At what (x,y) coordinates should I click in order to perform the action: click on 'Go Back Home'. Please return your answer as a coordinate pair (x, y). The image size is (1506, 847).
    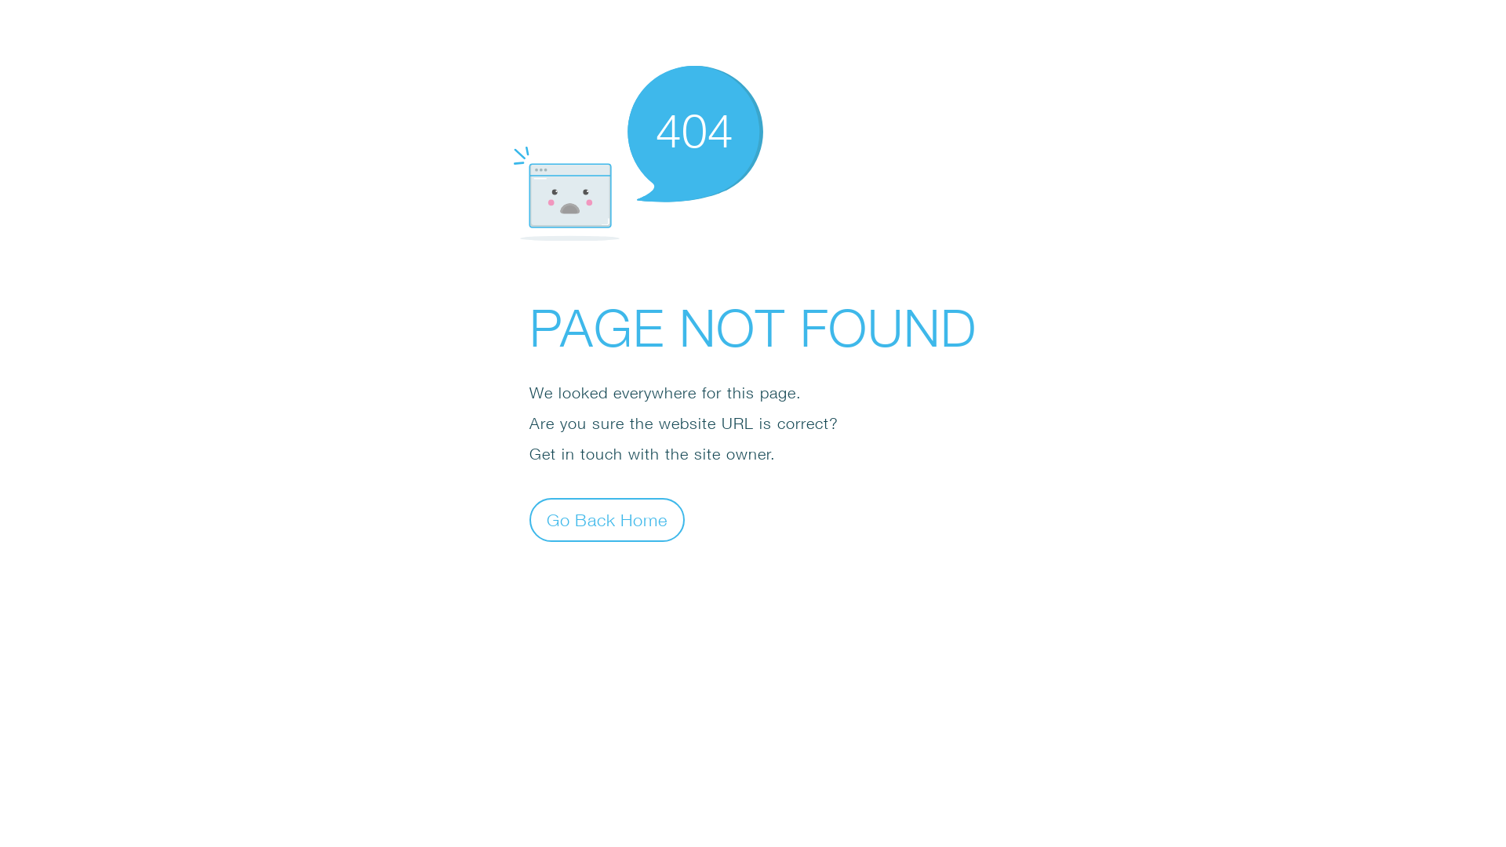
    Looking at the image, I should click on (606, 520).